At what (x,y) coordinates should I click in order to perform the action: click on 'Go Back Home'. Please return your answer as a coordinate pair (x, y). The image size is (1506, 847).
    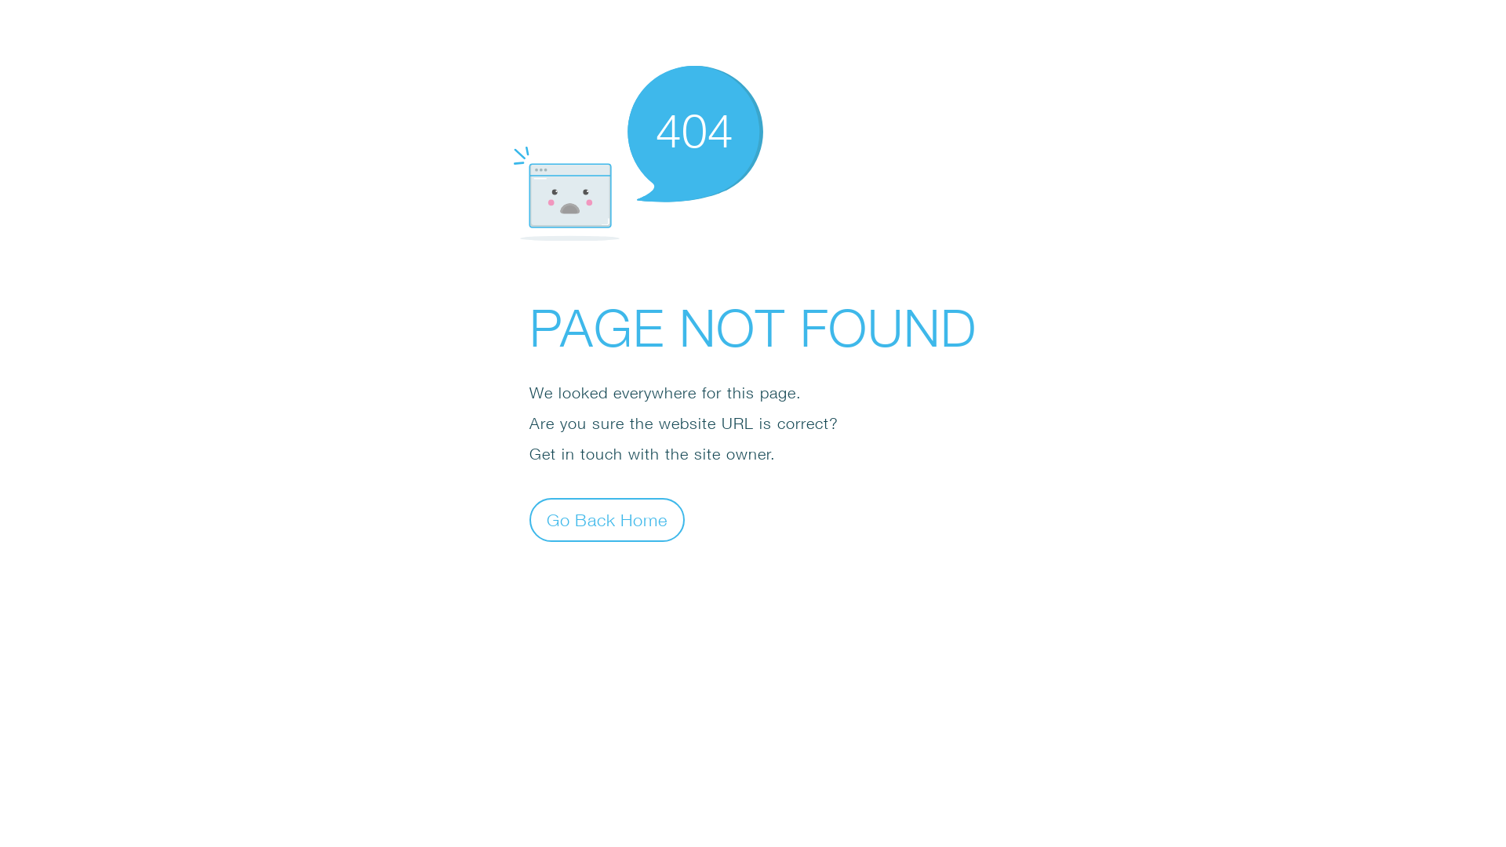
    Looking at the image, I should click on (606, 520).